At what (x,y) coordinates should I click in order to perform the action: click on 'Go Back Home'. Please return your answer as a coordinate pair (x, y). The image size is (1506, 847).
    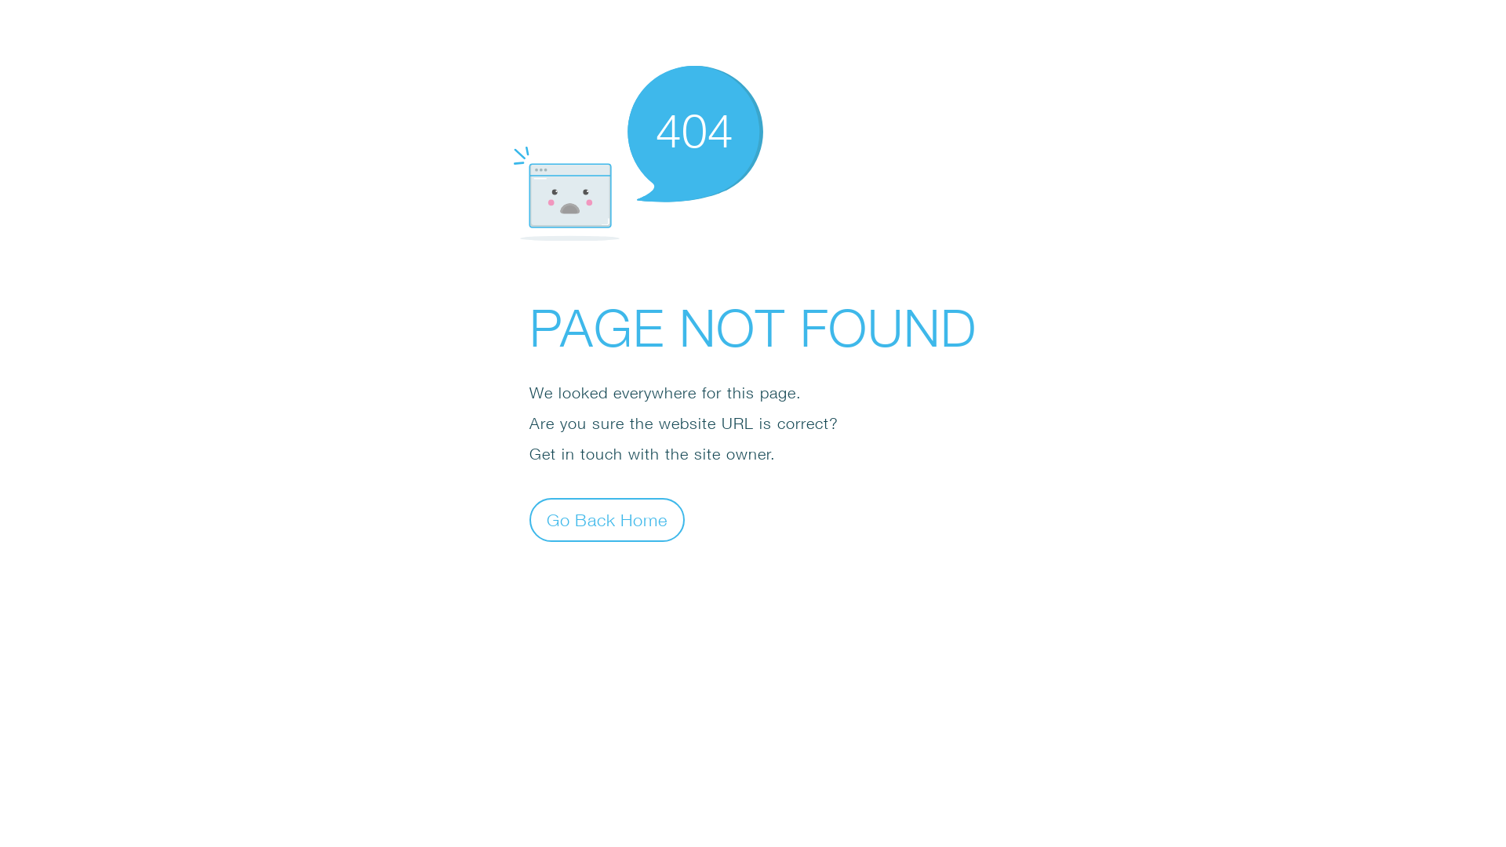
    Looking at the image, I should click on (606, 520).